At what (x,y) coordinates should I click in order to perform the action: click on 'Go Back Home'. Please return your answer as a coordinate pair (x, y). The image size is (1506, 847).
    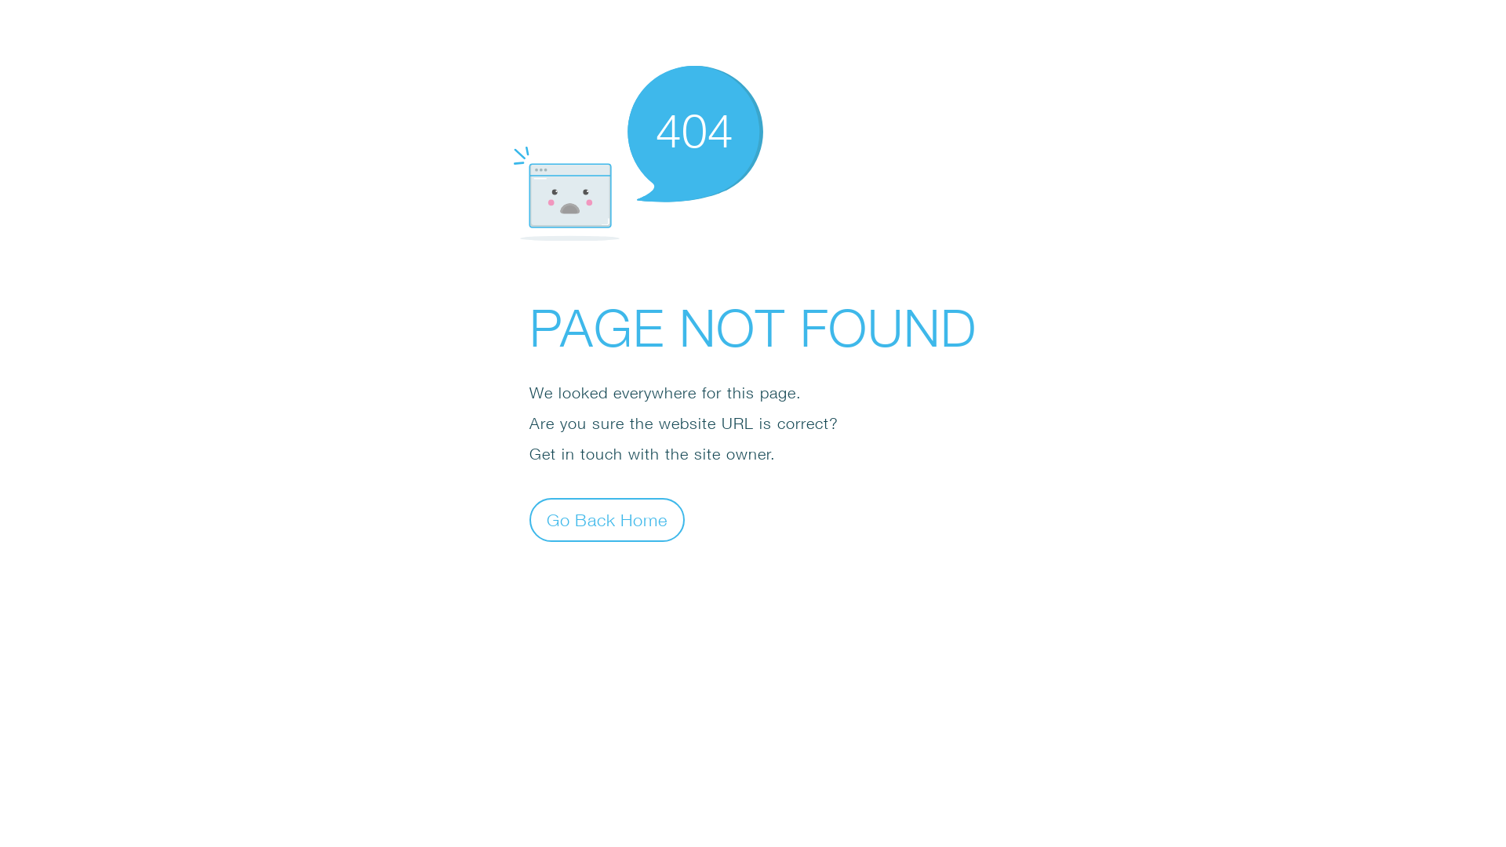
    Looking at the image, I should click on (606, 520).